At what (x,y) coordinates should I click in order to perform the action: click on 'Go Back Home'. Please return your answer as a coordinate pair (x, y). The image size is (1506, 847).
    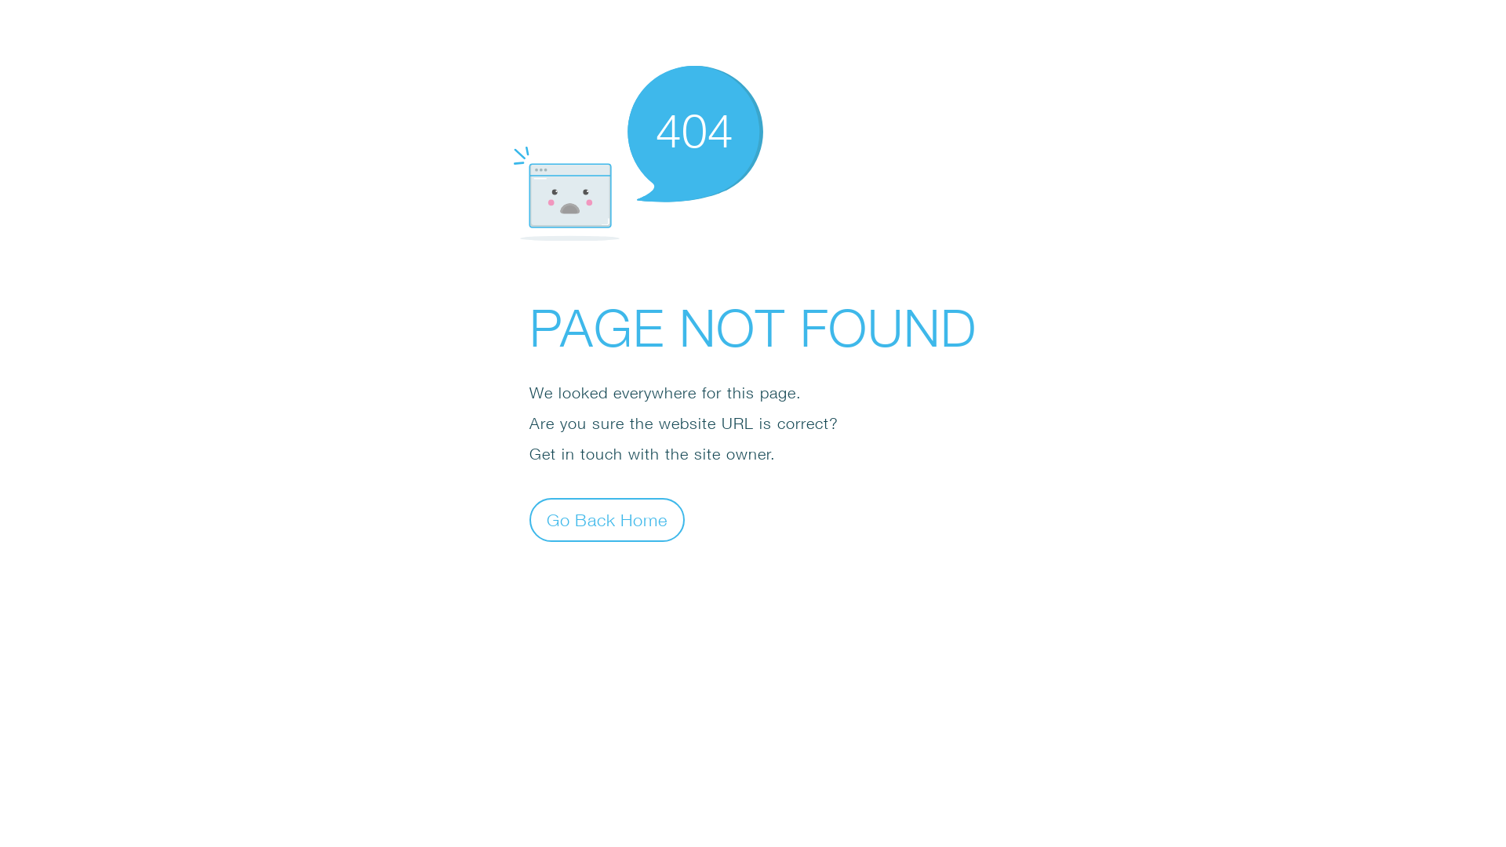
    Looking at the image, I should click on (606, 520).